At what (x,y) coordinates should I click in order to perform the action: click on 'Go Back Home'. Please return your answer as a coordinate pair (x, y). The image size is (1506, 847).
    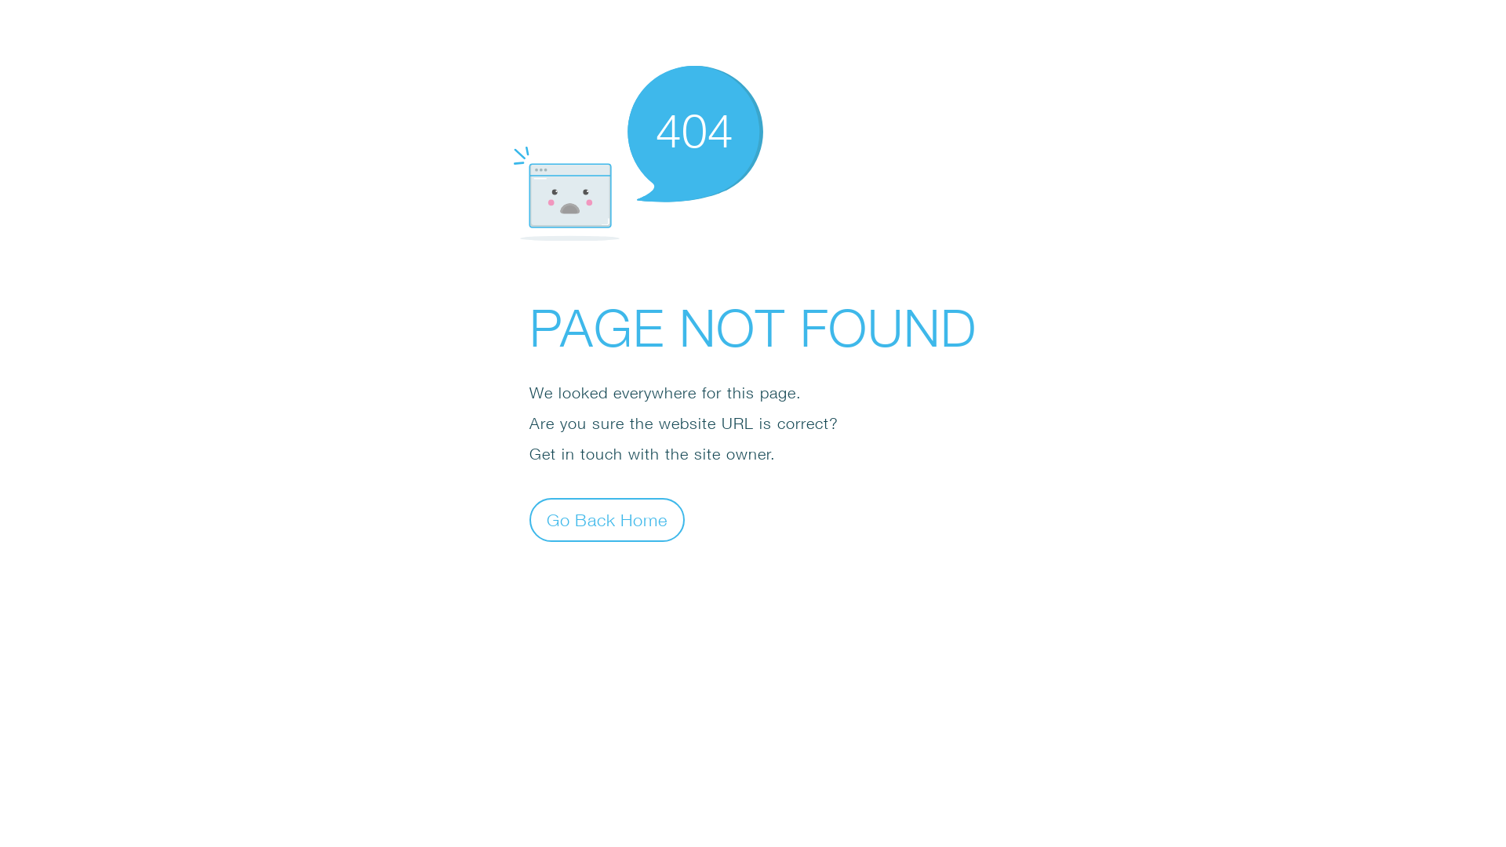
    Looking at the image, I should click on (606, 520).